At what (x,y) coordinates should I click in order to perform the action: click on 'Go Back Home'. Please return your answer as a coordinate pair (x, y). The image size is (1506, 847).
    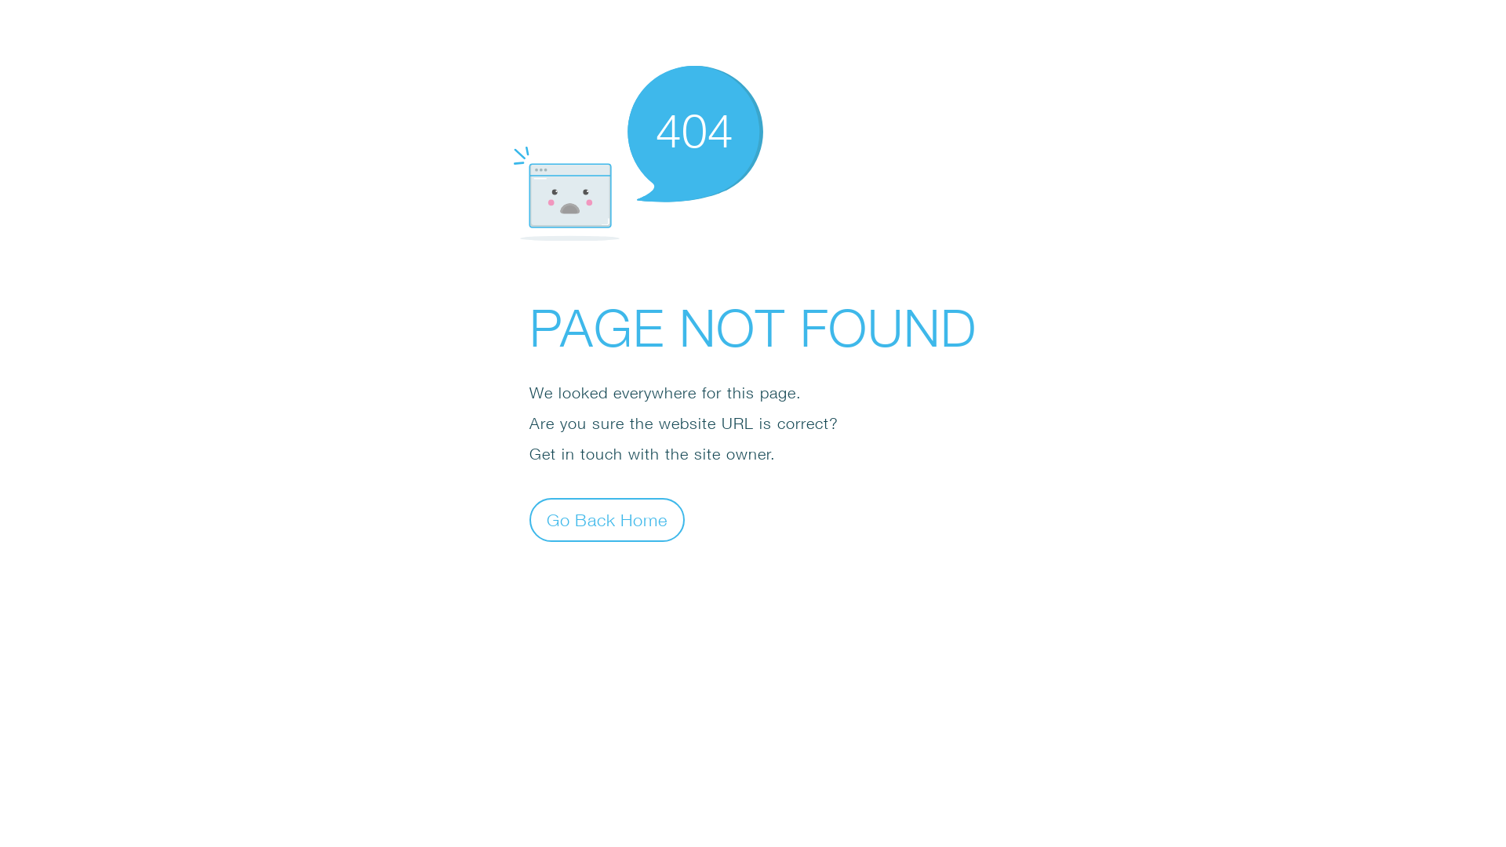
    Looking at the image, I should click on (606, 520).